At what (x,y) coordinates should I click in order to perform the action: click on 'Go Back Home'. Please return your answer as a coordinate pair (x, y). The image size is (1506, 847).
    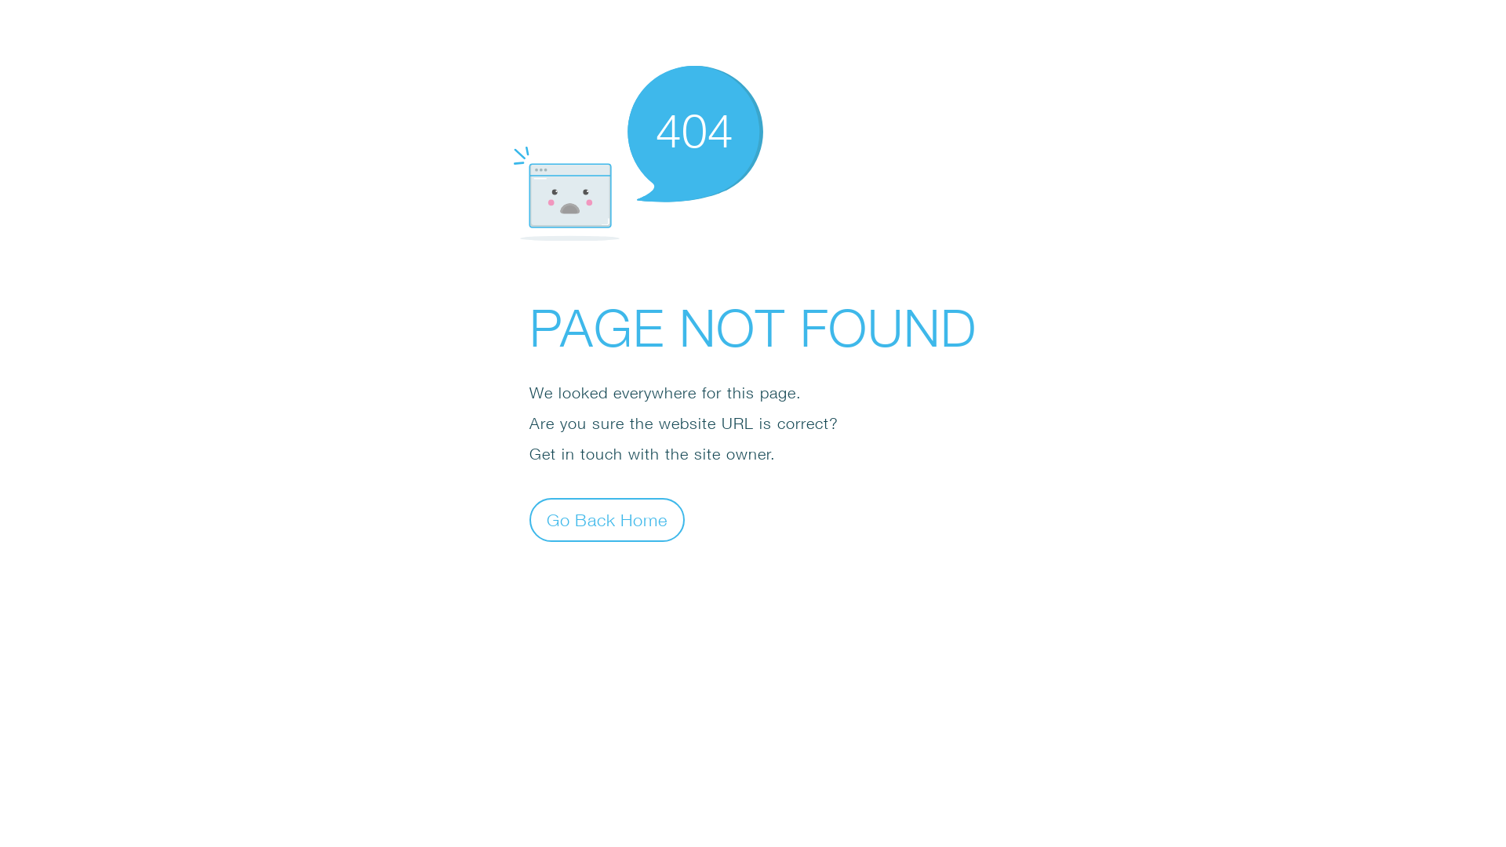
    Looking at the image, I should click on (606, 520).